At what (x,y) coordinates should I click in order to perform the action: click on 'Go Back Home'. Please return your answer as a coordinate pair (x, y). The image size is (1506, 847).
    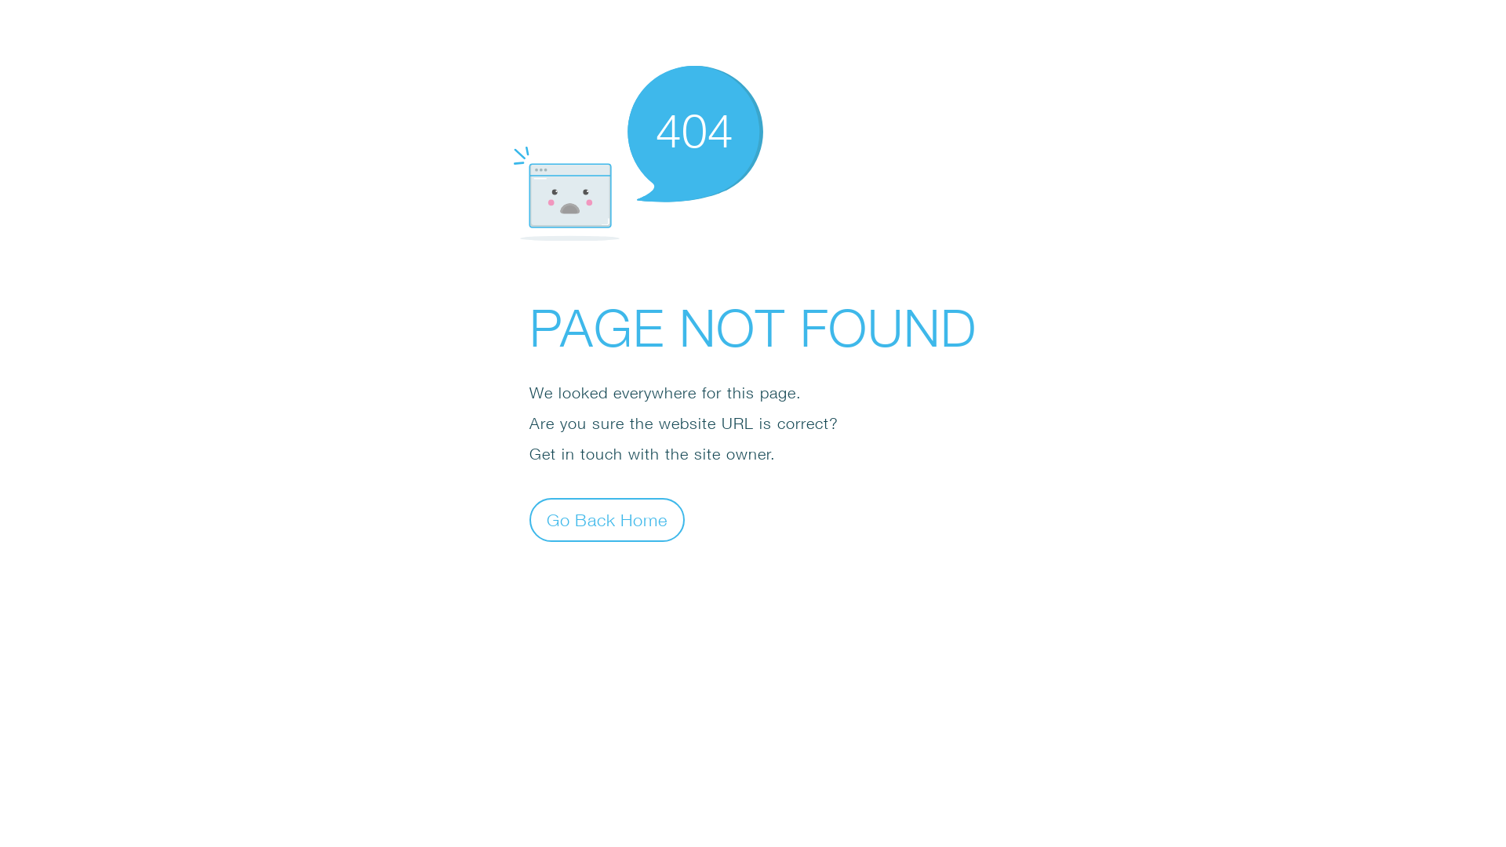
    Looking at the image, I should click on (606, 520).